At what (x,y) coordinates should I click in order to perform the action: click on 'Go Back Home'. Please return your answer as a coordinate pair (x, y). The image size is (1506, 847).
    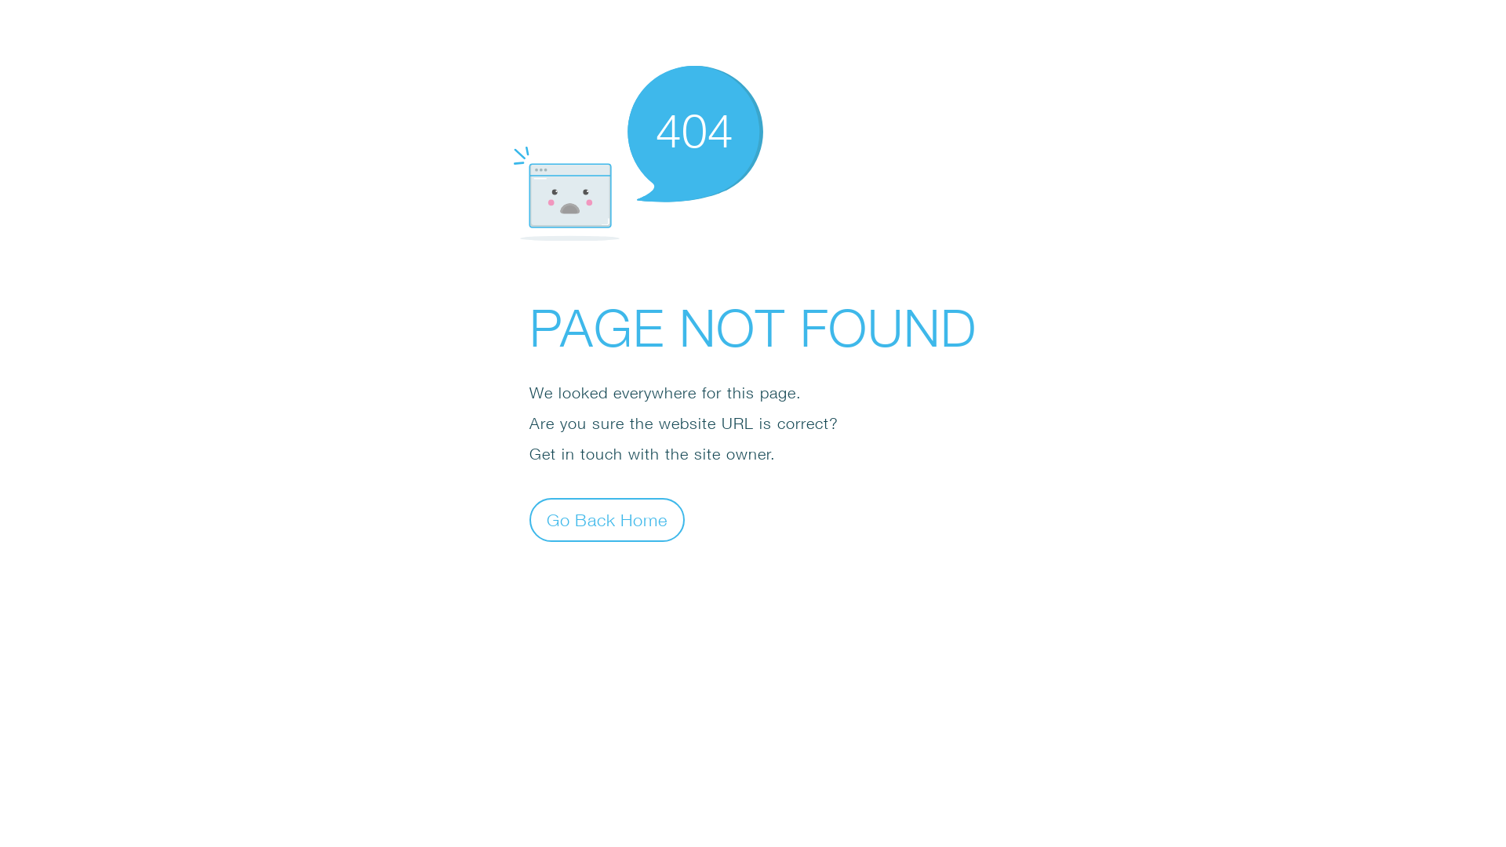
    Looking at the image, I should click on (606, 520).